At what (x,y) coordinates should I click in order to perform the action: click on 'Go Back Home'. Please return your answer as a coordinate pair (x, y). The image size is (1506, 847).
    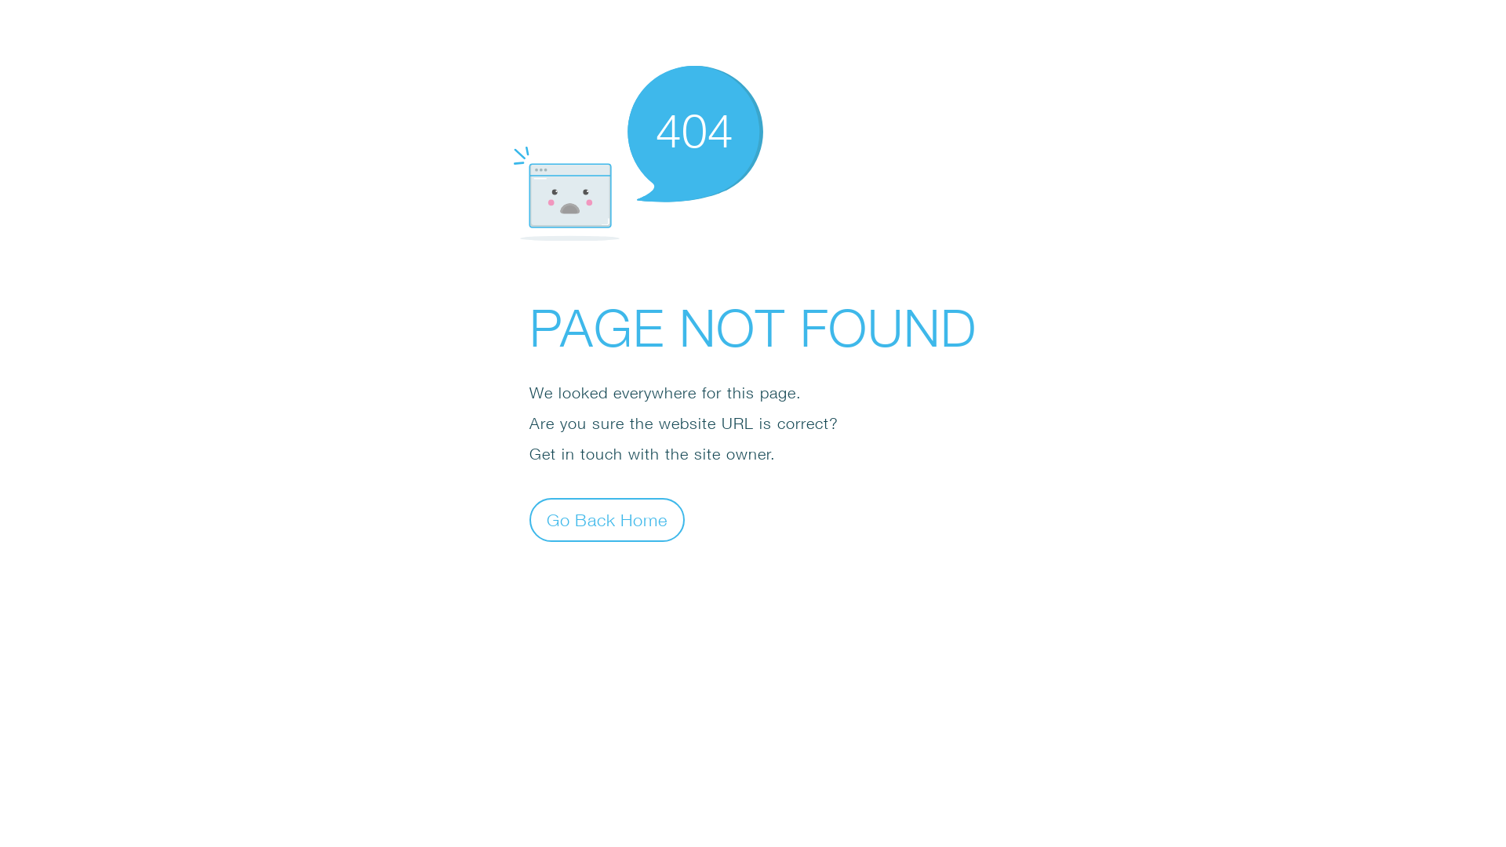
    Looking at the image, I should click on (606, 520).